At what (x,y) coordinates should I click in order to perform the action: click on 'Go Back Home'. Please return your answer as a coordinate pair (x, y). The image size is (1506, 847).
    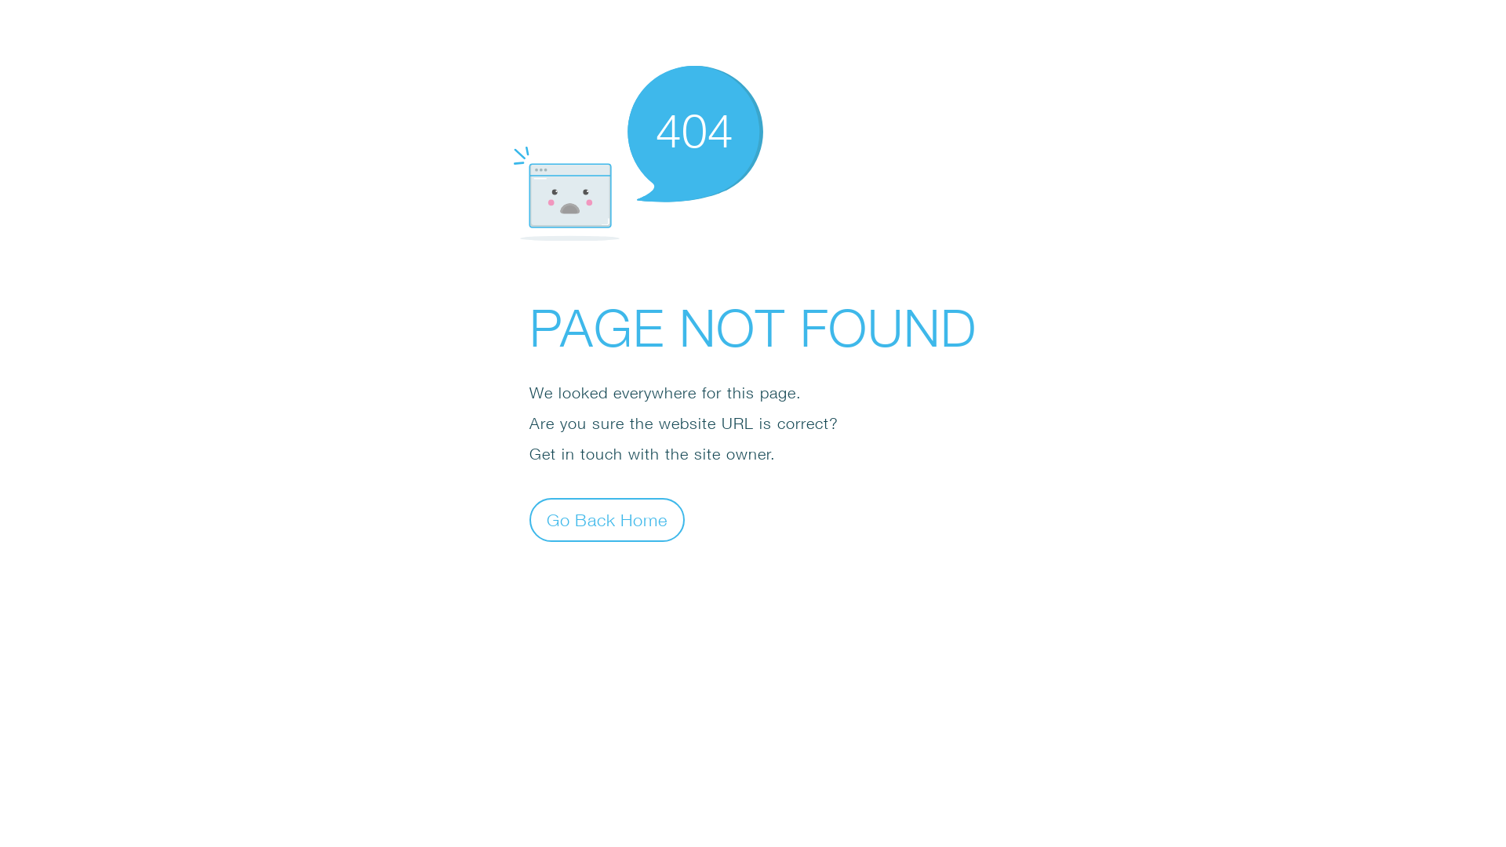
    Looking at the image, I should click on (606, 520).